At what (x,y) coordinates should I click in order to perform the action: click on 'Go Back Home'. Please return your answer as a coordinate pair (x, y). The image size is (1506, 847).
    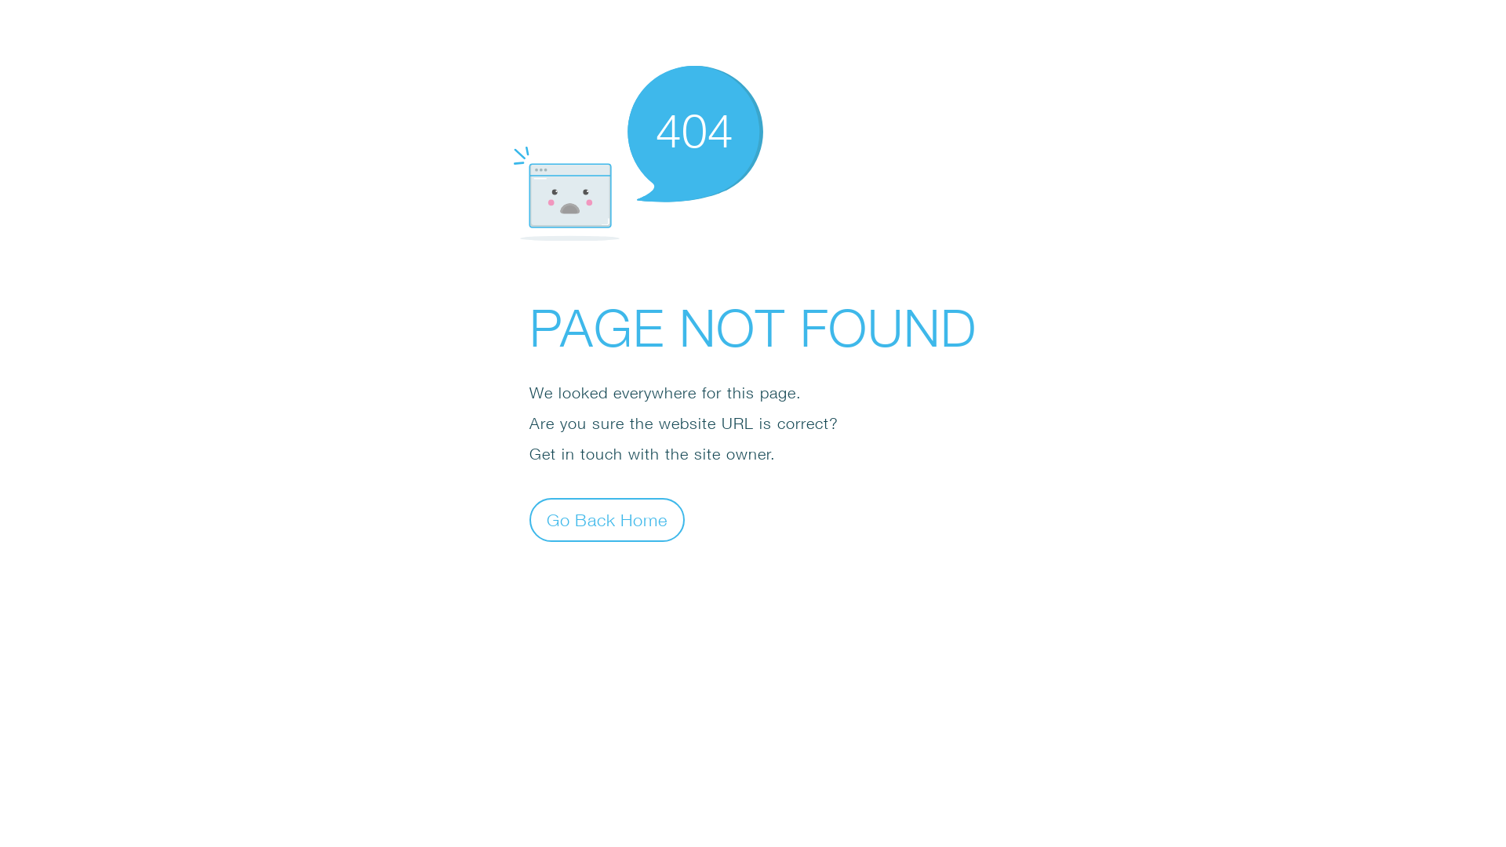
    Looking at the image, I should click on (606, 520).